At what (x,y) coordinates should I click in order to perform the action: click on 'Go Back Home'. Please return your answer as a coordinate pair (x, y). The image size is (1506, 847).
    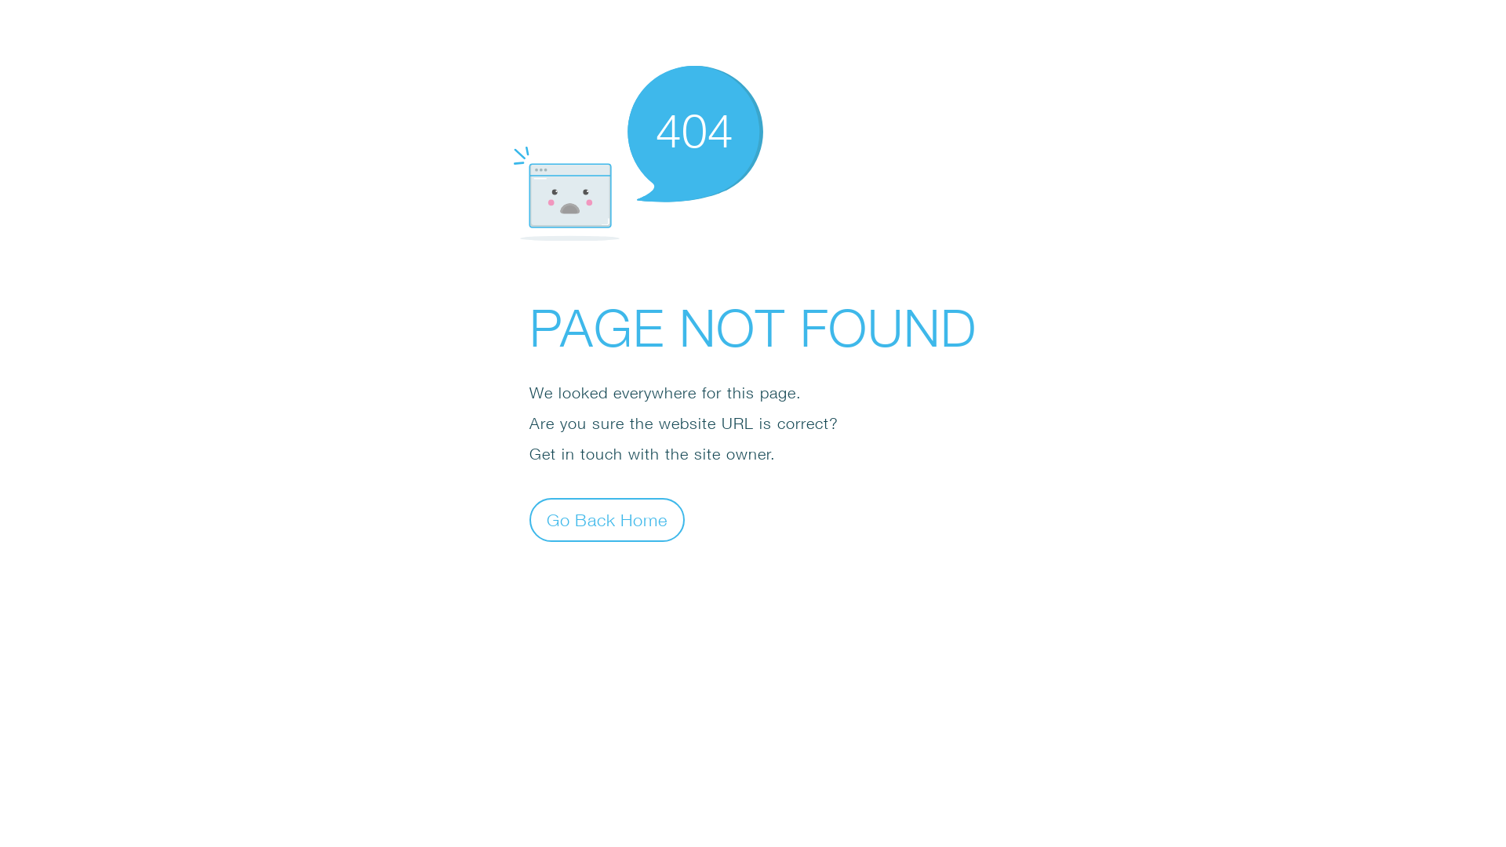
    Looking at the image, I should click on (606, 520).